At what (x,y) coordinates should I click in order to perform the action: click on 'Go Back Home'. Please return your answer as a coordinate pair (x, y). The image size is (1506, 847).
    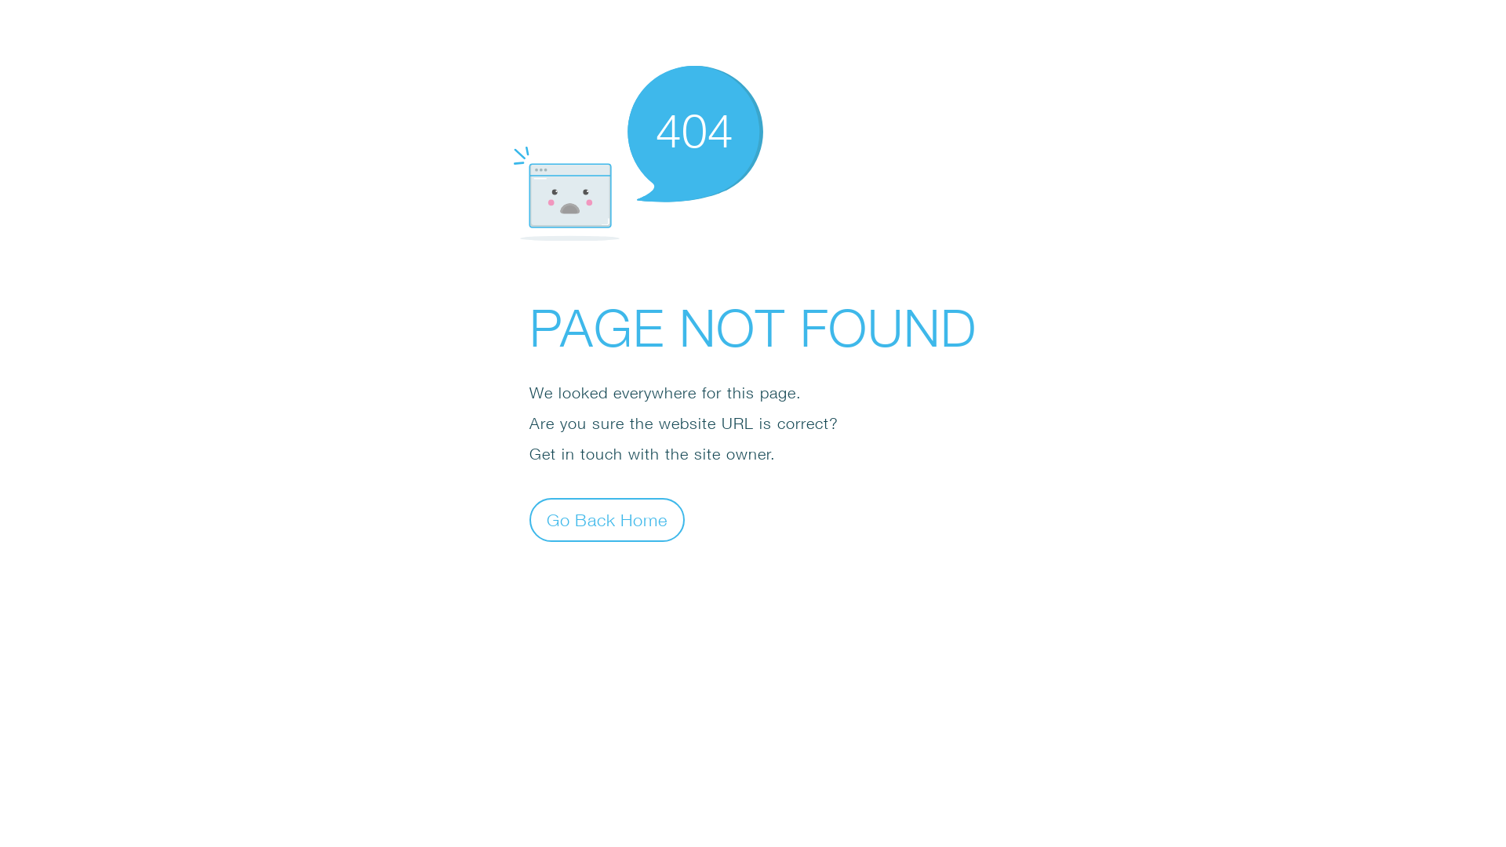
    Looking at the image, I should click on (606, 520).